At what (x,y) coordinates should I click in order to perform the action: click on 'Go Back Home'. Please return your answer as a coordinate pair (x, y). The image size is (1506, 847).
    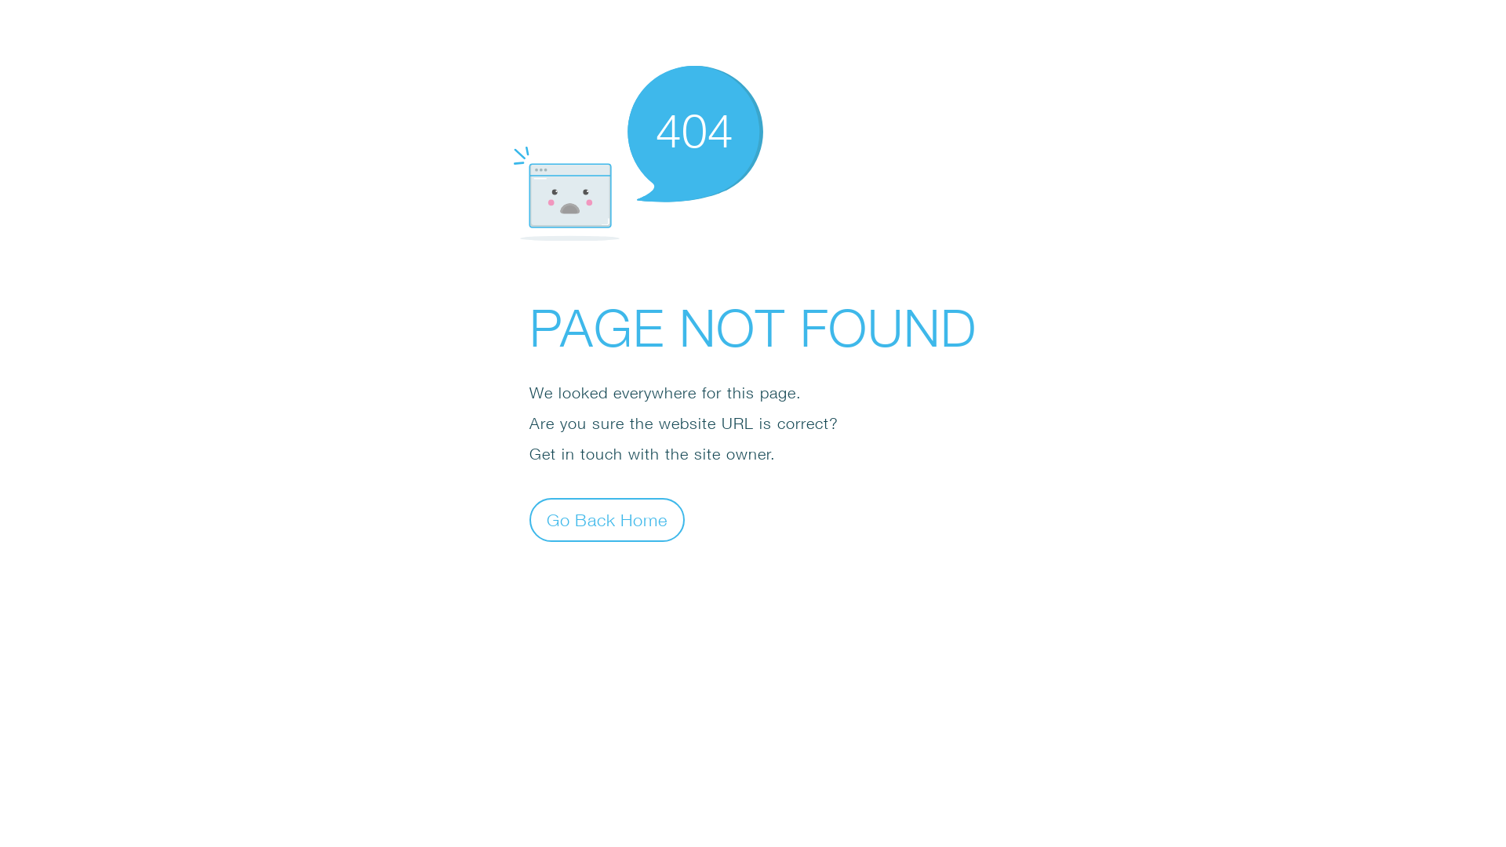
    Looking at the image, I should click on (606, 520).